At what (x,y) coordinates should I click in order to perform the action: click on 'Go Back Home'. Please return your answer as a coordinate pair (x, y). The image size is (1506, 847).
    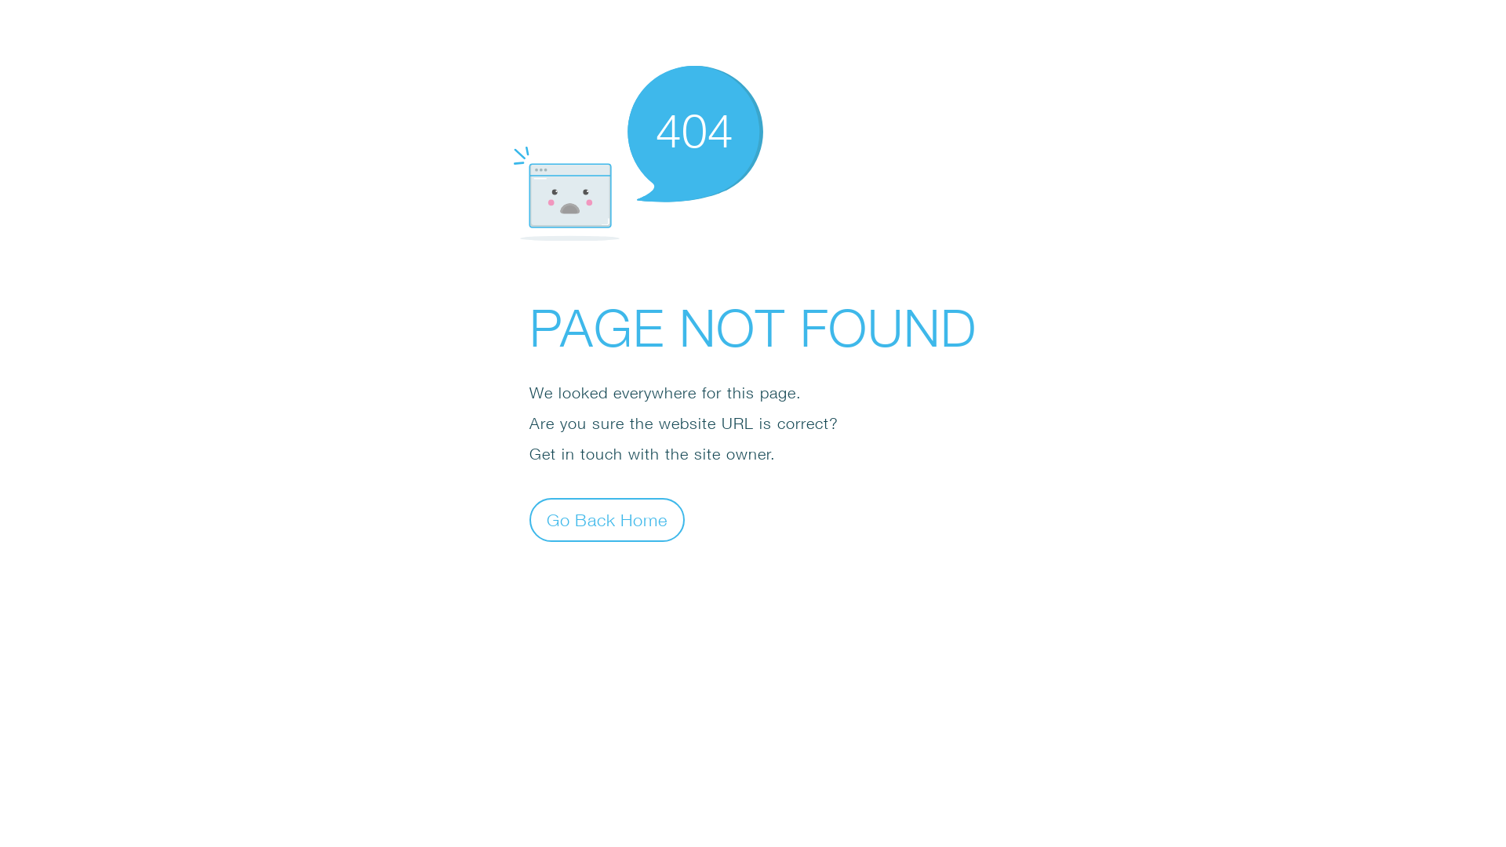
    Looking at the image, I should click on (606, 520).